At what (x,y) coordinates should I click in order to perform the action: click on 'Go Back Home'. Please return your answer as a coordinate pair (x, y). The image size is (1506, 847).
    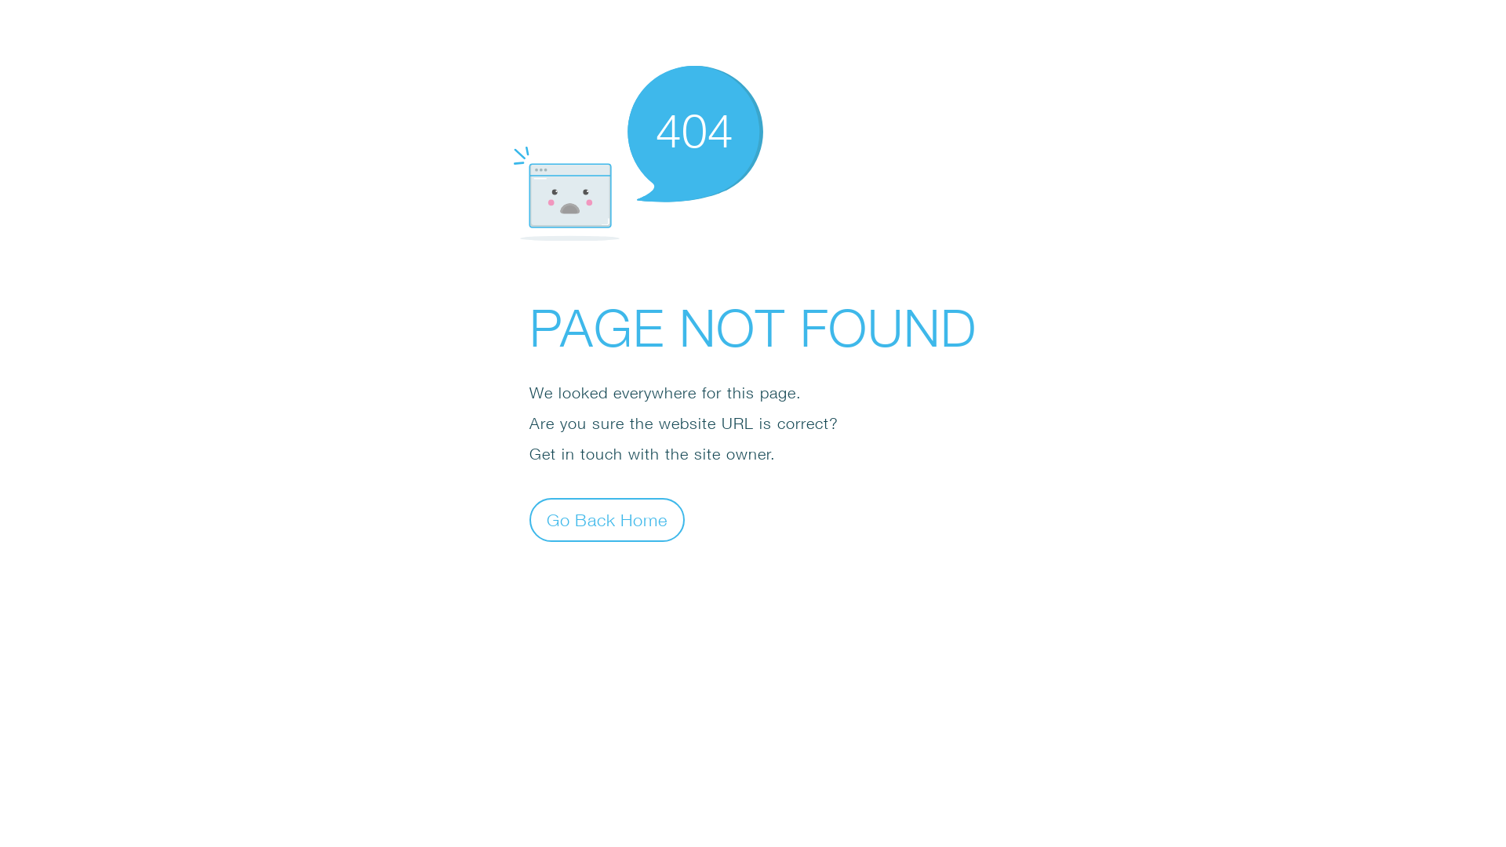
    Looking at the image, I should click on (606, 520).